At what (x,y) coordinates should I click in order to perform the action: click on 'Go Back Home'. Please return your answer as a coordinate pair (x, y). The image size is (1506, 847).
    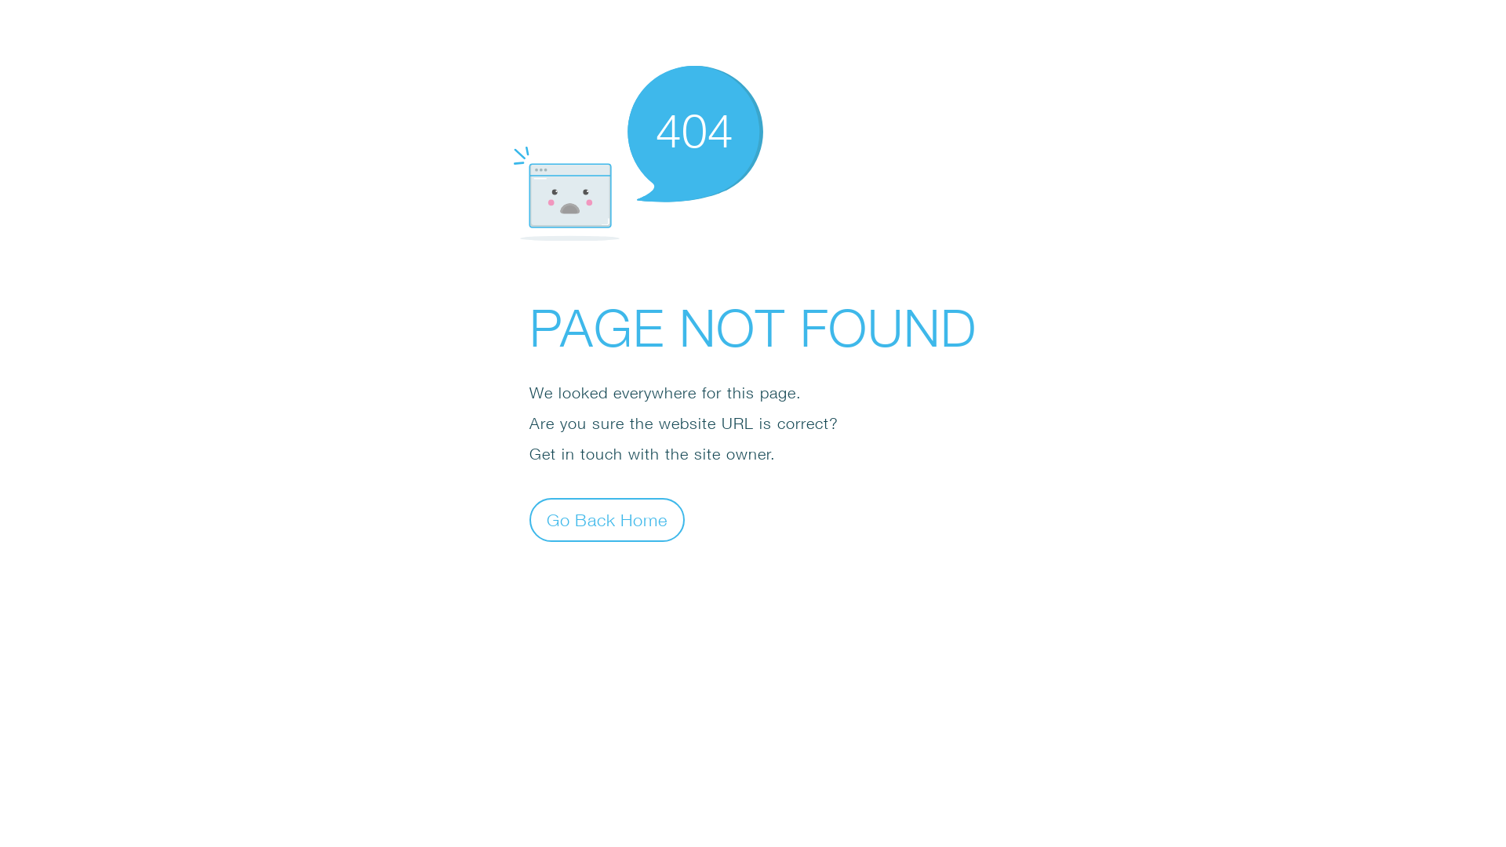
    Looking at the image, I should click on (606, 520).